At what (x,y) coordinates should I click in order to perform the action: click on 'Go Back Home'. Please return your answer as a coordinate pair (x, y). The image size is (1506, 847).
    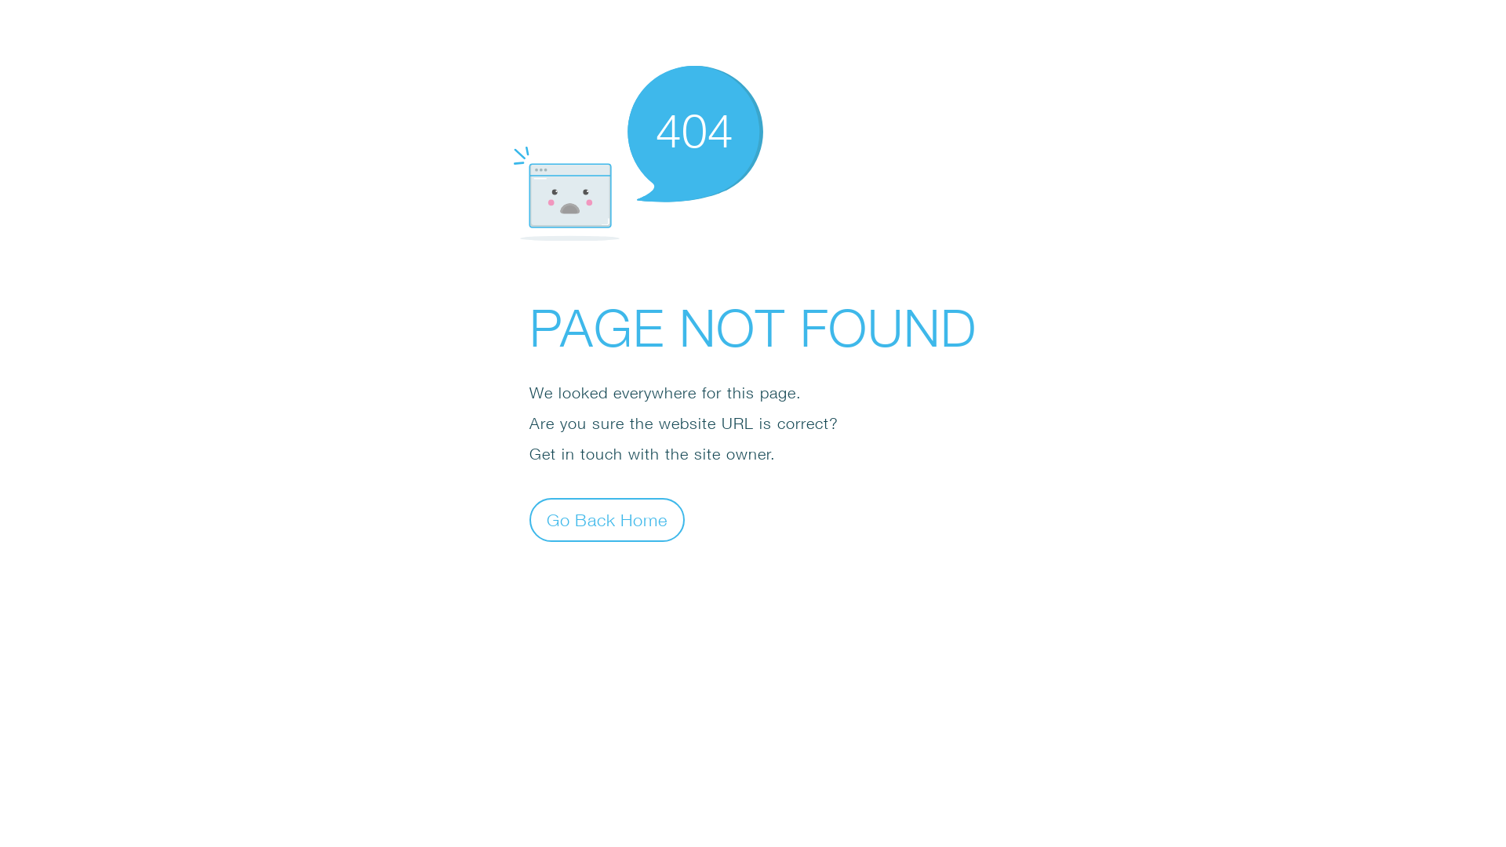
    Looking at the image, I should click on (606, 520).